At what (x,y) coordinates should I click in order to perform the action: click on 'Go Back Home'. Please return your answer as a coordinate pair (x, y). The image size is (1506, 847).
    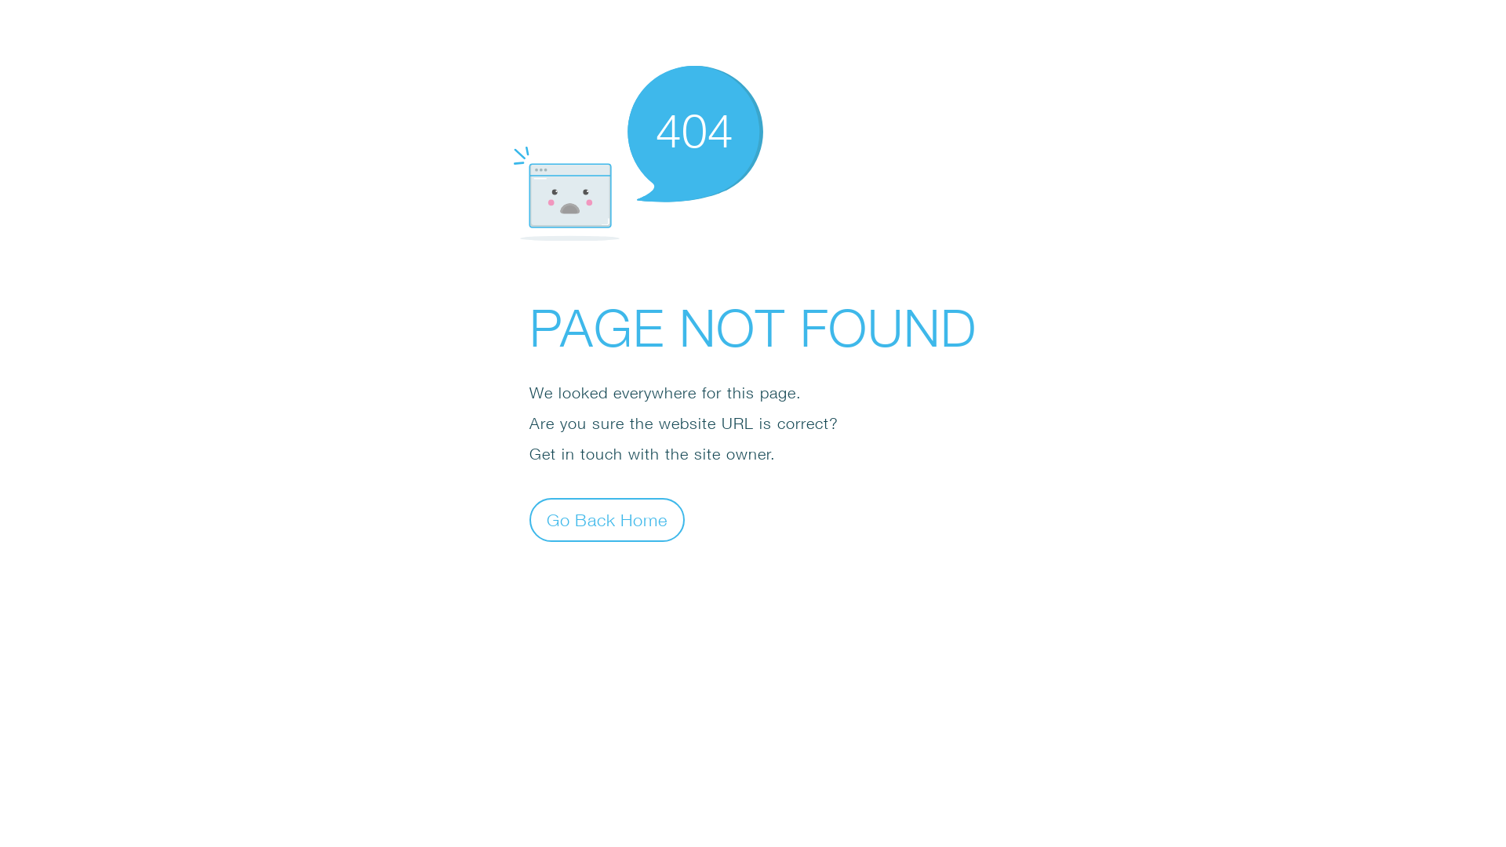
    Looking at the image, I should click on (606, 520).